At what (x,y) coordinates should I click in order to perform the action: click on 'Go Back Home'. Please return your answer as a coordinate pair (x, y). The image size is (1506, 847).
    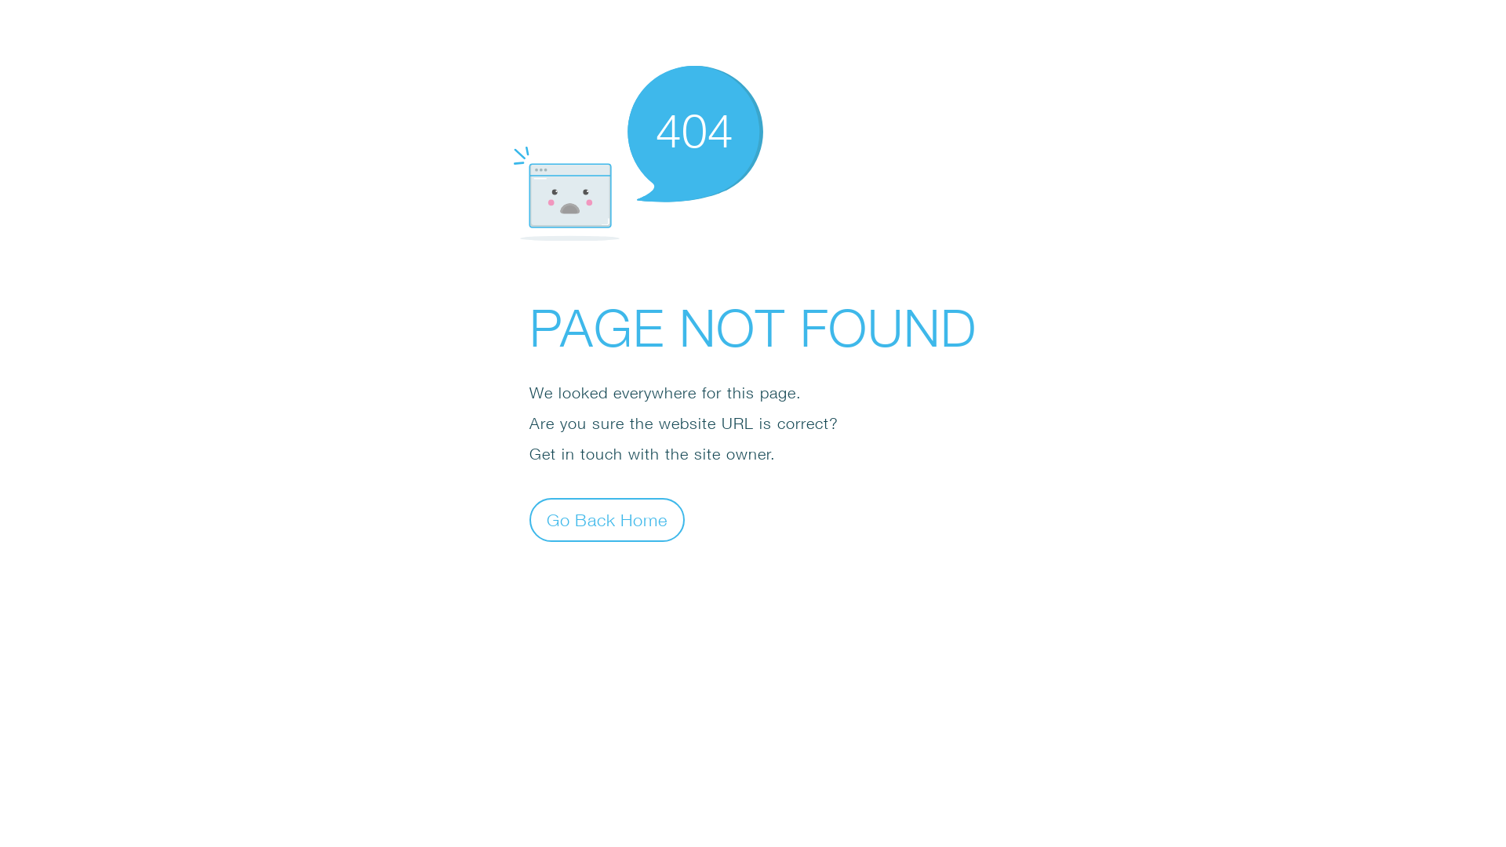
    Looking at the image, I should click on (606, 520).